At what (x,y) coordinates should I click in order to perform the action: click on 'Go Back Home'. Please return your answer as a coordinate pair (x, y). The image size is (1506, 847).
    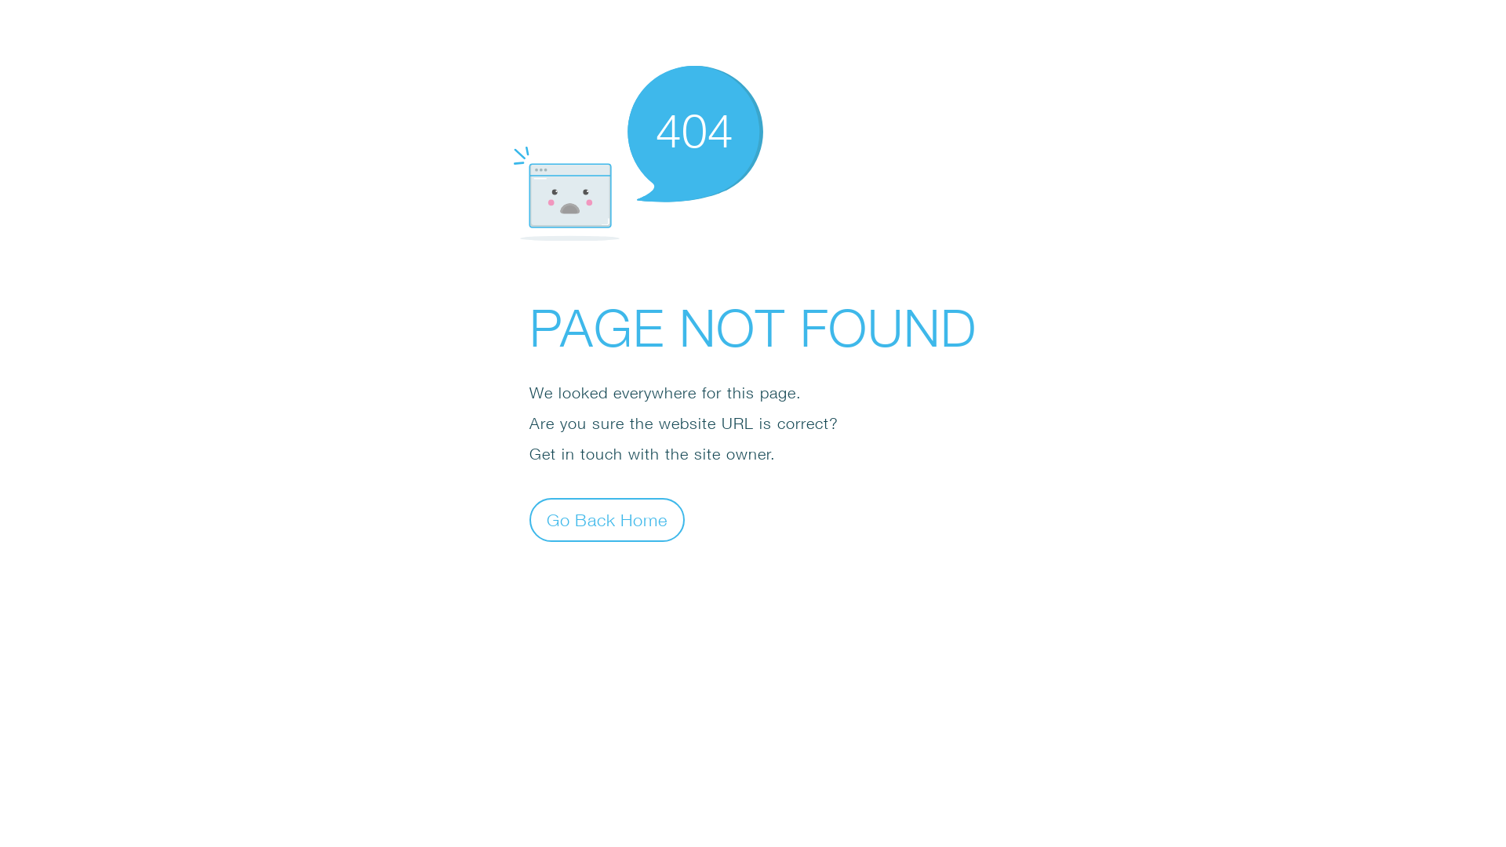
    Looking at the image, I should click on (606, 520).